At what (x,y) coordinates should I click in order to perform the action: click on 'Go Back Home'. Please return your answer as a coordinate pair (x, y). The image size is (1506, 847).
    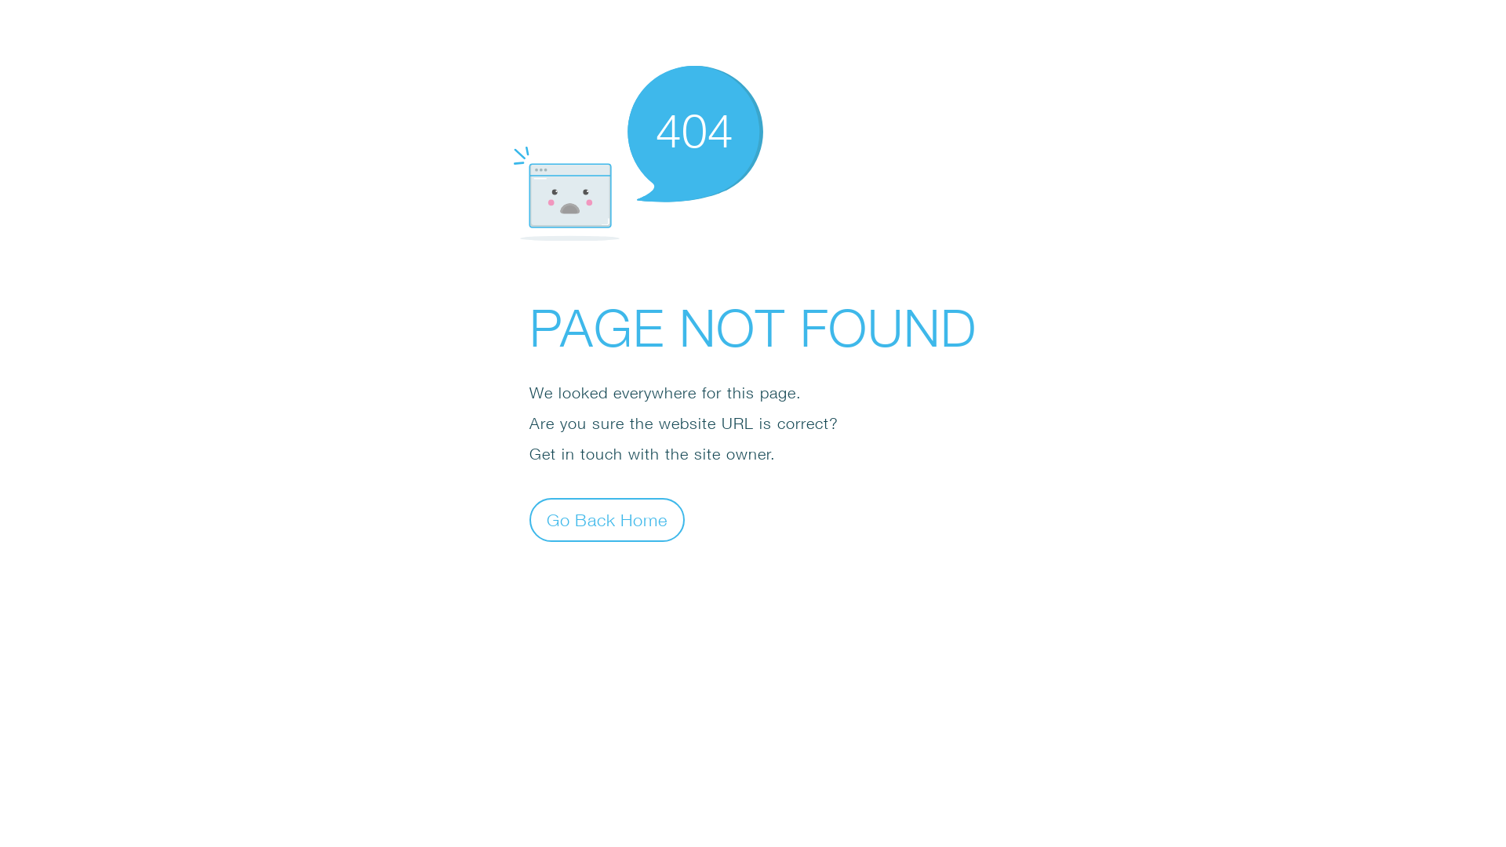
    Looking at the image, I should click on (606, 520).